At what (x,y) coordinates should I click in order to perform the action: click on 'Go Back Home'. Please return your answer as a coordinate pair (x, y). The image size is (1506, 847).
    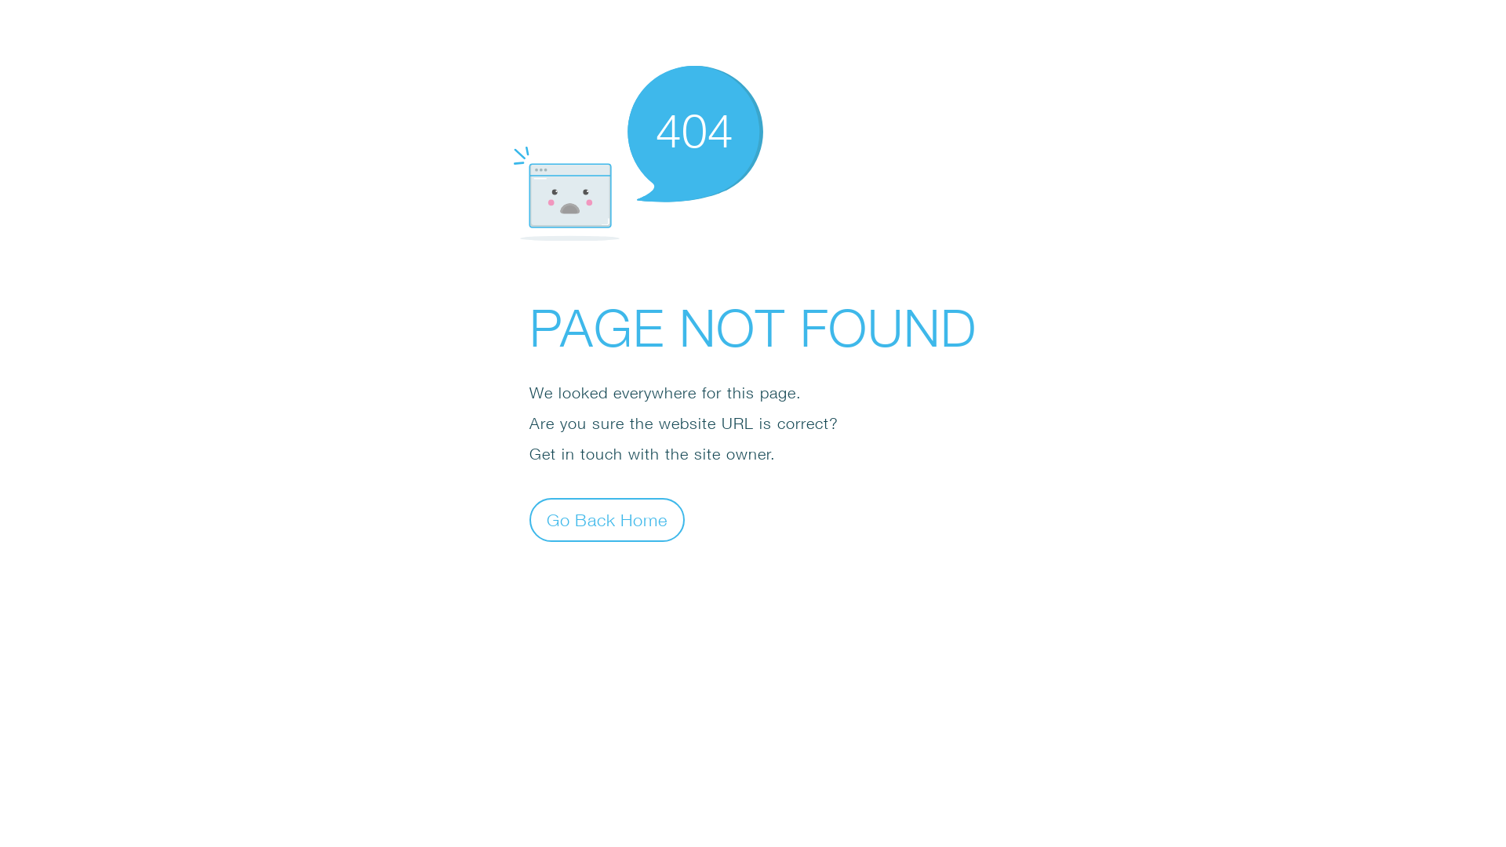
    Looking at the image, I should click on (606, 520).